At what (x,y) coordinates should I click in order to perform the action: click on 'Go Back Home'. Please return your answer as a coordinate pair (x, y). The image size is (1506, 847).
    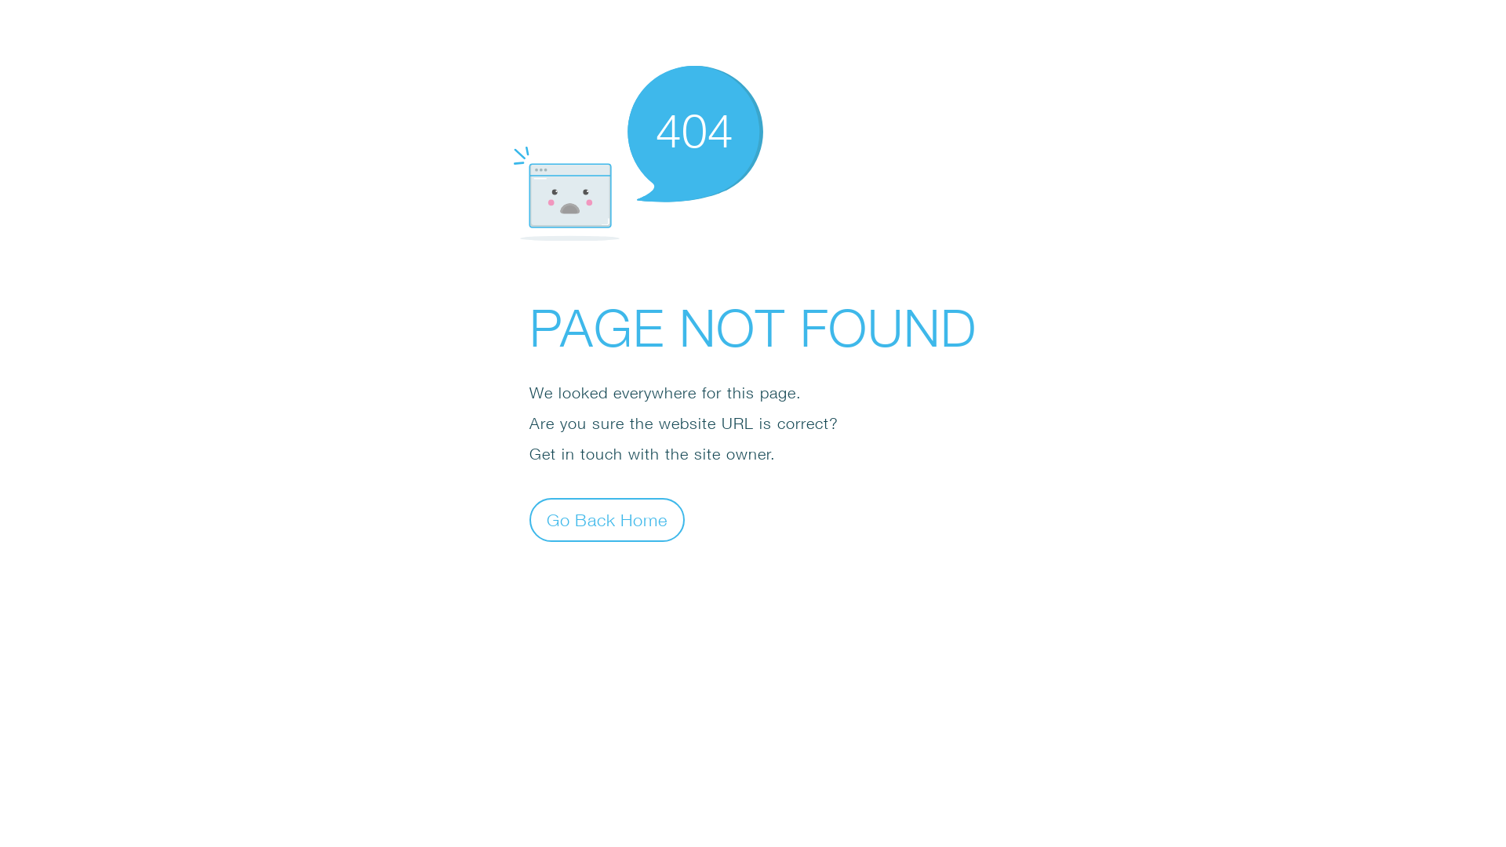
    Looking at the image, I should click on (606, 520).